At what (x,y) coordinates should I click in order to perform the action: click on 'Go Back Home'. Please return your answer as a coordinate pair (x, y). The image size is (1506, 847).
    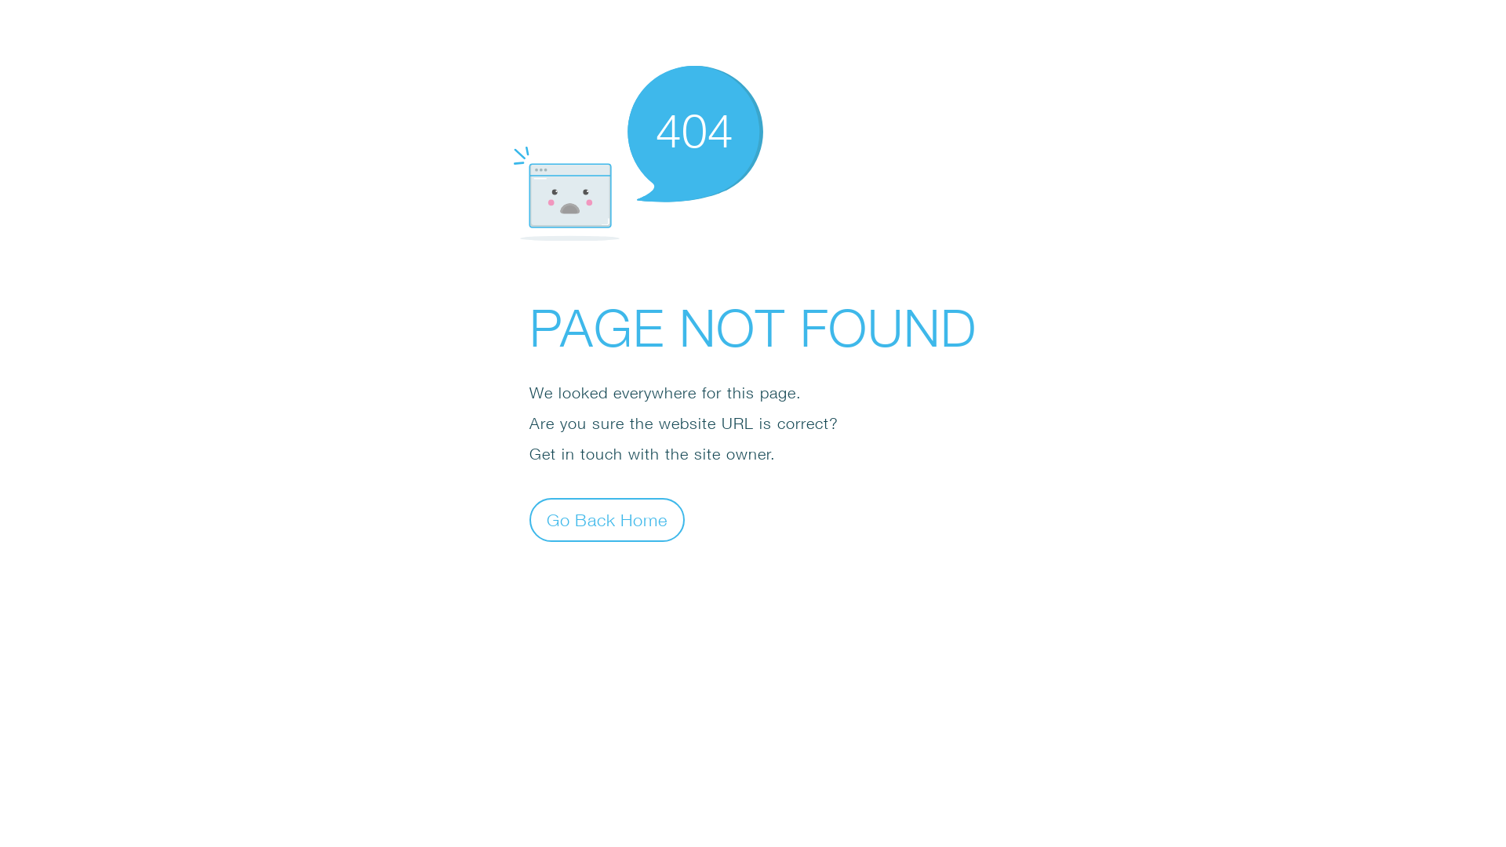
    Looking at the image, I should click on (606, 520).